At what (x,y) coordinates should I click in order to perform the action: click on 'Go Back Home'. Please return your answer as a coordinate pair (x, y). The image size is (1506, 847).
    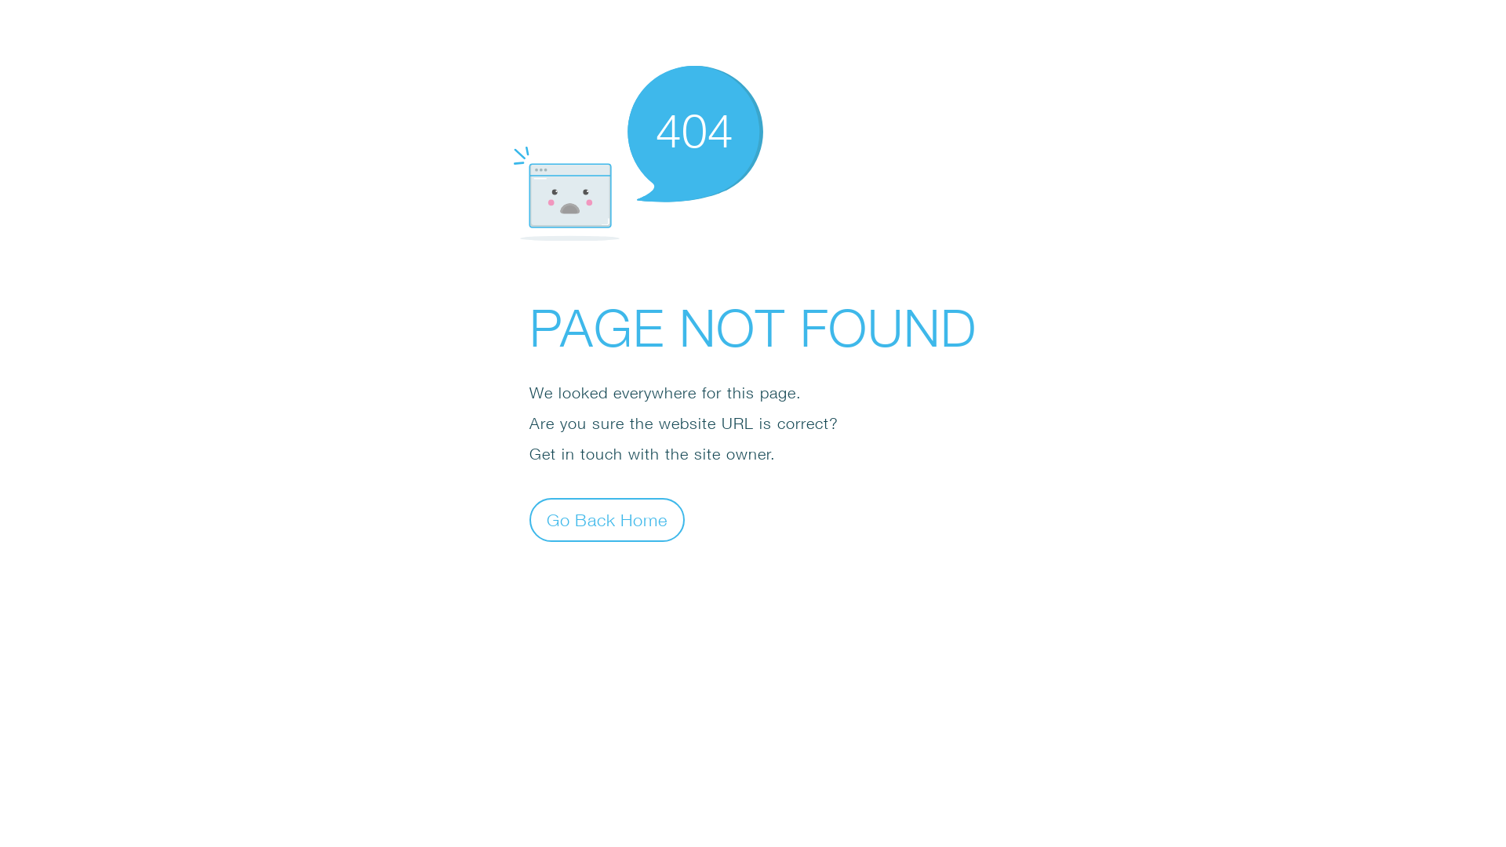
    Looking at the image, I should click on (606, 520).